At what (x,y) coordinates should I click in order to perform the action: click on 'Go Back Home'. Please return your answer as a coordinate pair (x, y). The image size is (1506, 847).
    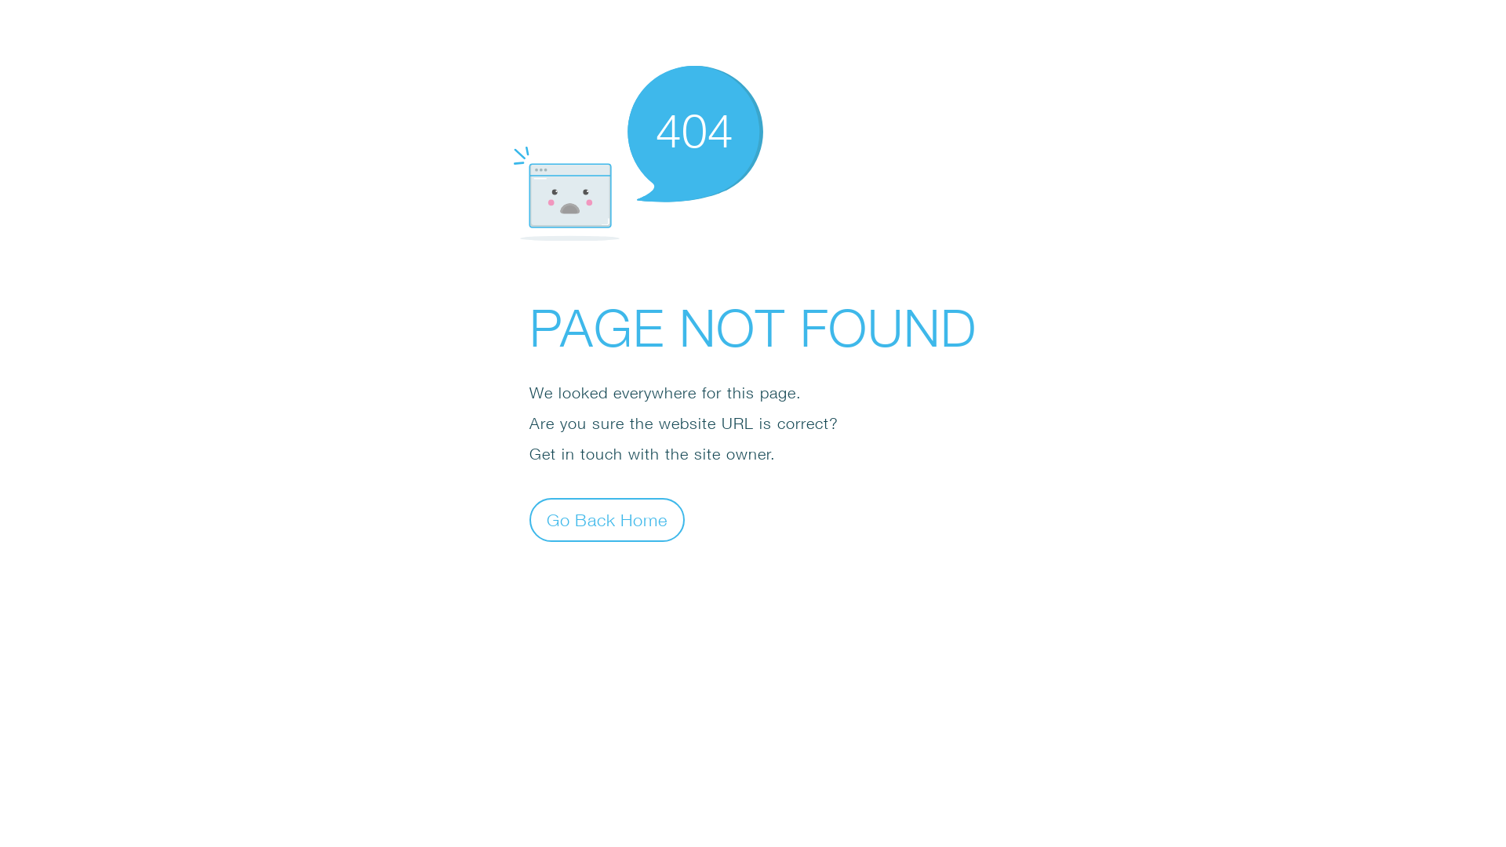
    Looking at the image, I should click on (606, 520).